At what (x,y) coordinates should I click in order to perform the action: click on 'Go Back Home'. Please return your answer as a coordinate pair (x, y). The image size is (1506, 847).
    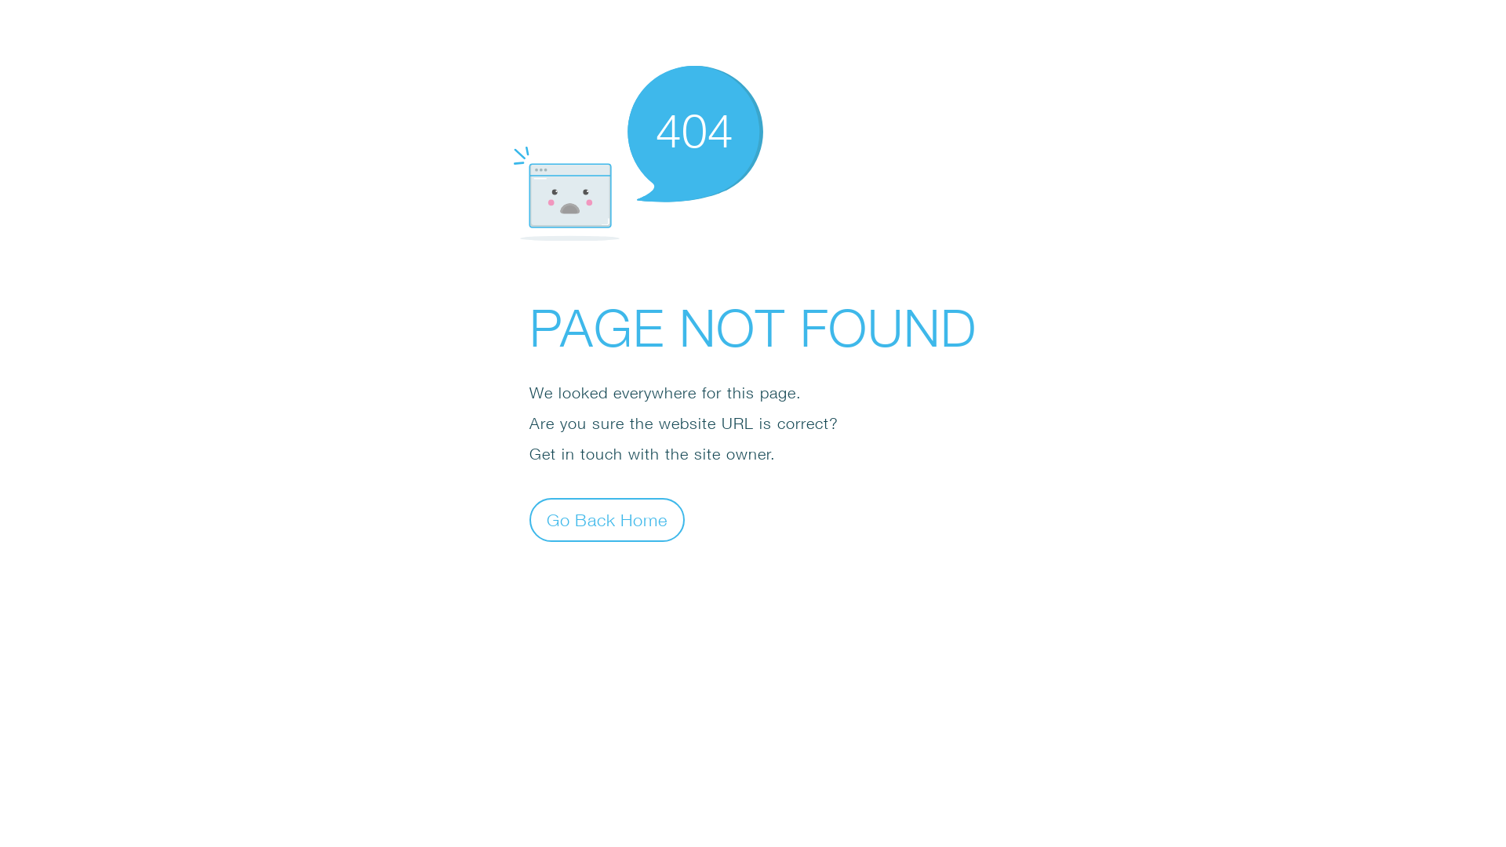
    Looking at the image, I should click on (606, 520).